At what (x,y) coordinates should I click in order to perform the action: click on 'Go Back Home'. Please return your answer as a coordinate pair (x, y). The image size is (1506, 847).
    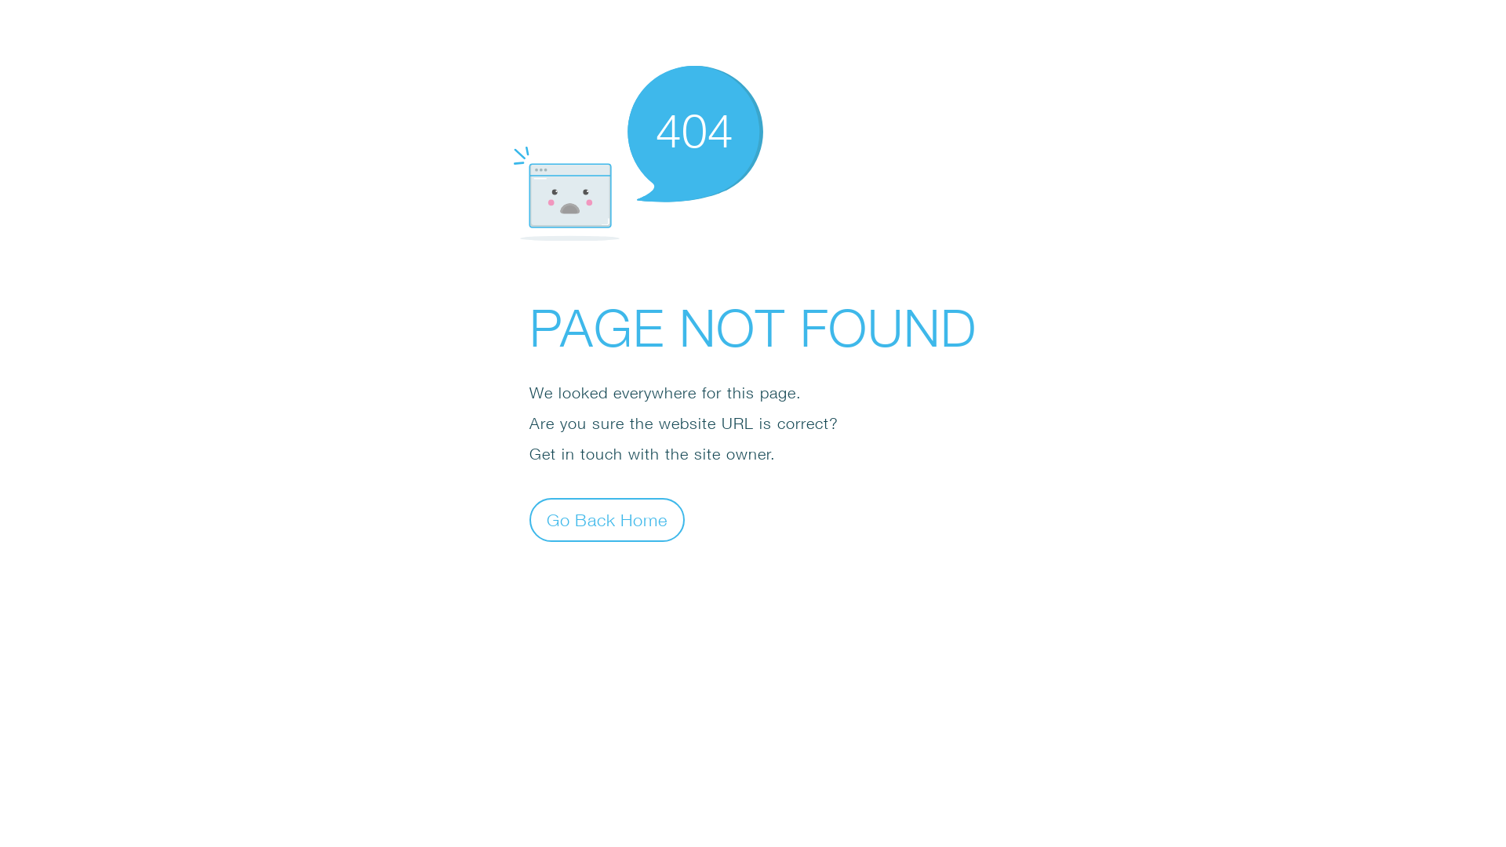
    Looking at the image, I should click on (606, 520).